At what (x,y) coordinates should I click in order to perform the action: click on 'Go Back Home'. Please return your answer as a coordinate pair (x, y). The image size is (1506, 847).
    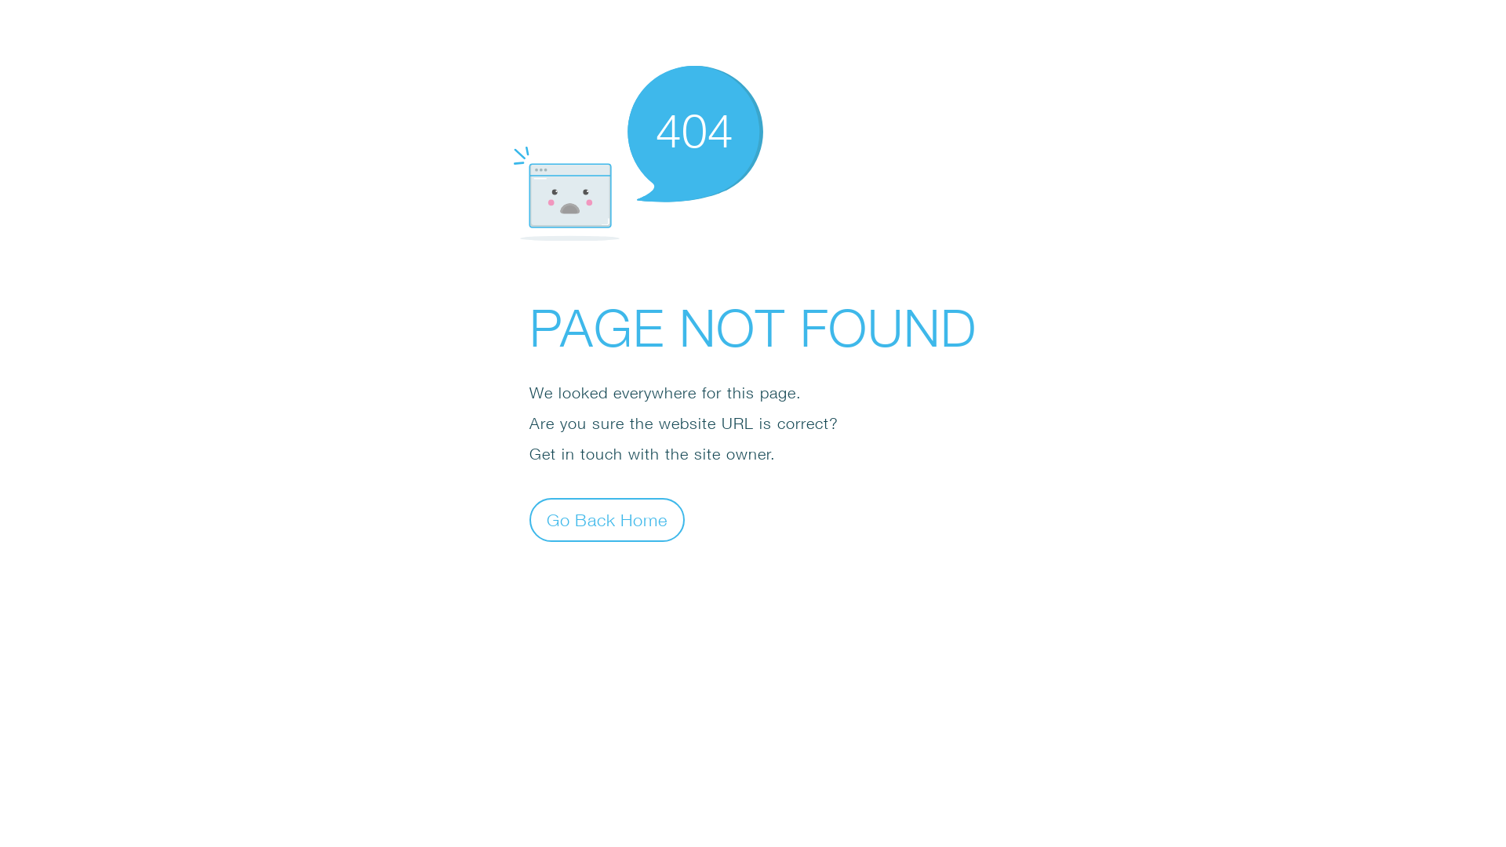
    Looking at the image, I should click on (606, 520).